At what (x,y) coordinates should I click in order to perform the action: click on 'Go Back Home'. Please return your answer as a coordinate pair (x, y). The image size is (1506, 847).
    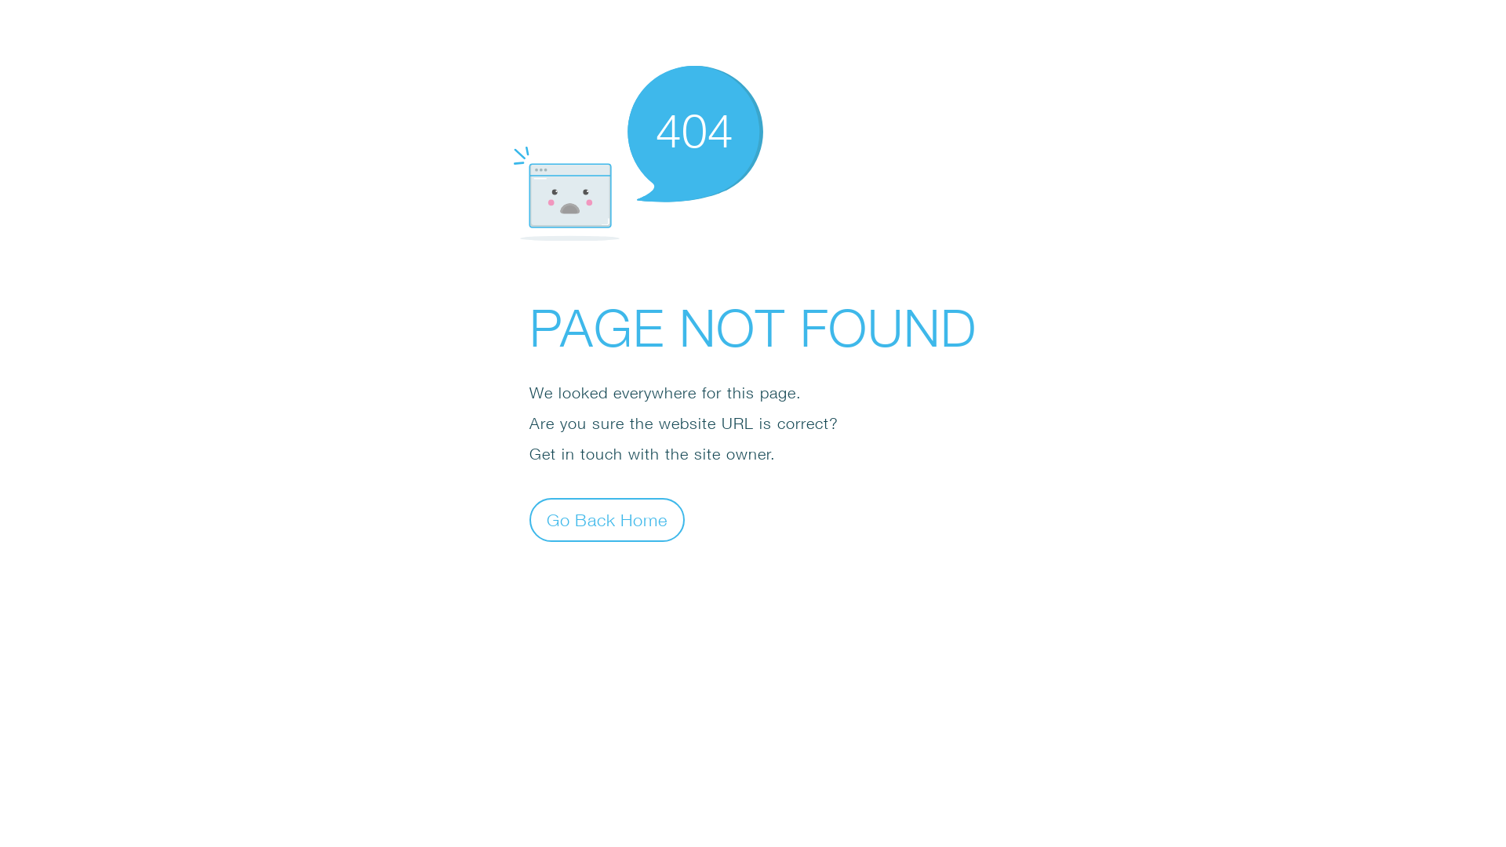
    Looking at the image, I should click on (606, 520).